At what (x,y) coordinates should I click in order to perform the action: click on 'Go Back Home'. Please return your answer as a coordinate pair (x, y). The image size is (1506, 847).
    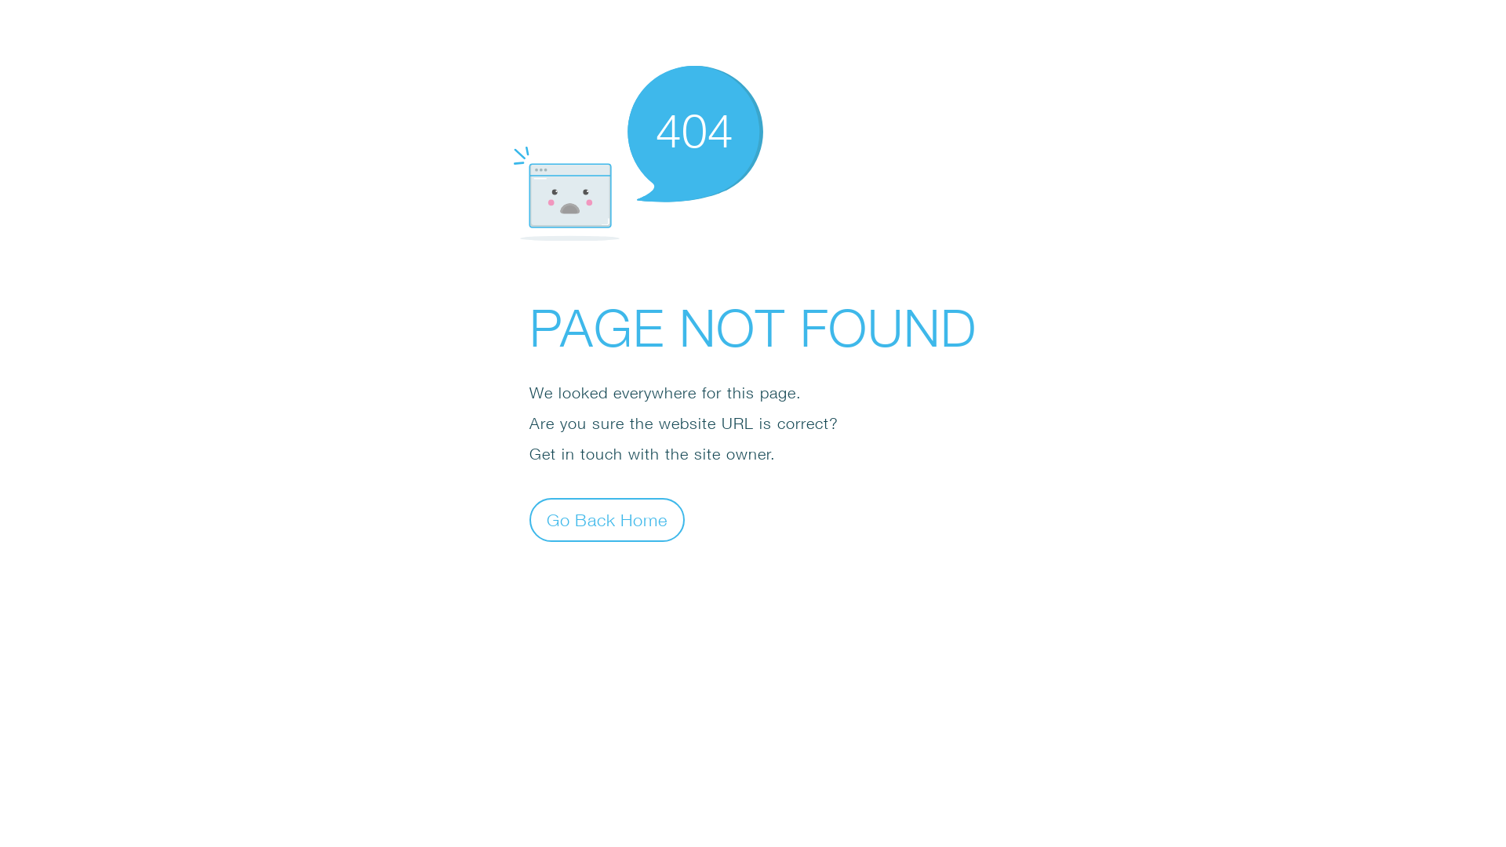
    Looking at the image, I should click on (606, 520).